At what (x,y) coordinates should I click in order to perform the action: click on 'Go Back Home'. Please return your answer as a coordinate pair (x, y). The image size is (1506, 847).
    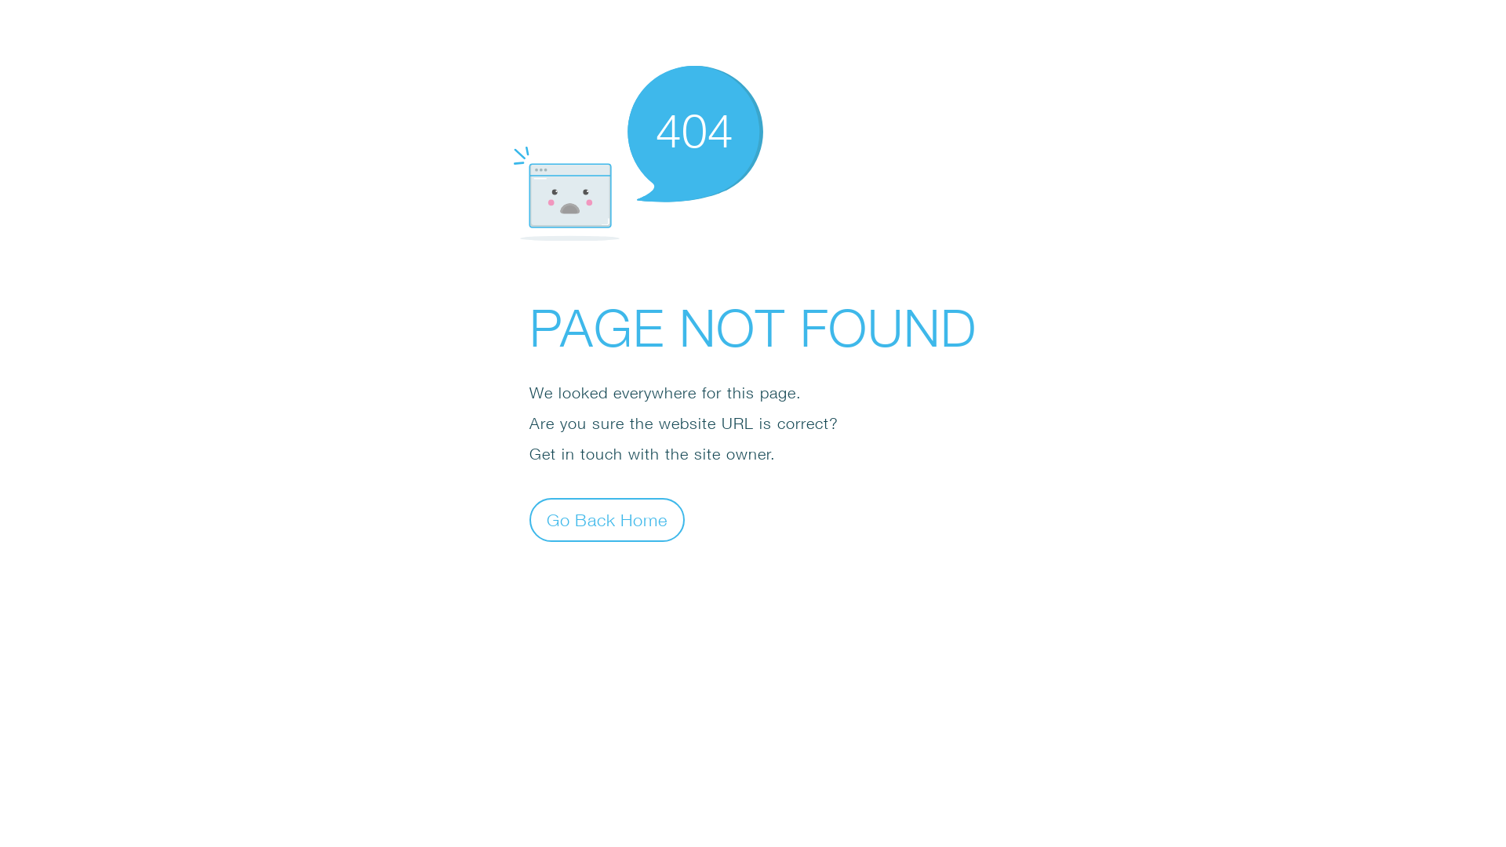
    Looking at the image, I should click on (606, 520).